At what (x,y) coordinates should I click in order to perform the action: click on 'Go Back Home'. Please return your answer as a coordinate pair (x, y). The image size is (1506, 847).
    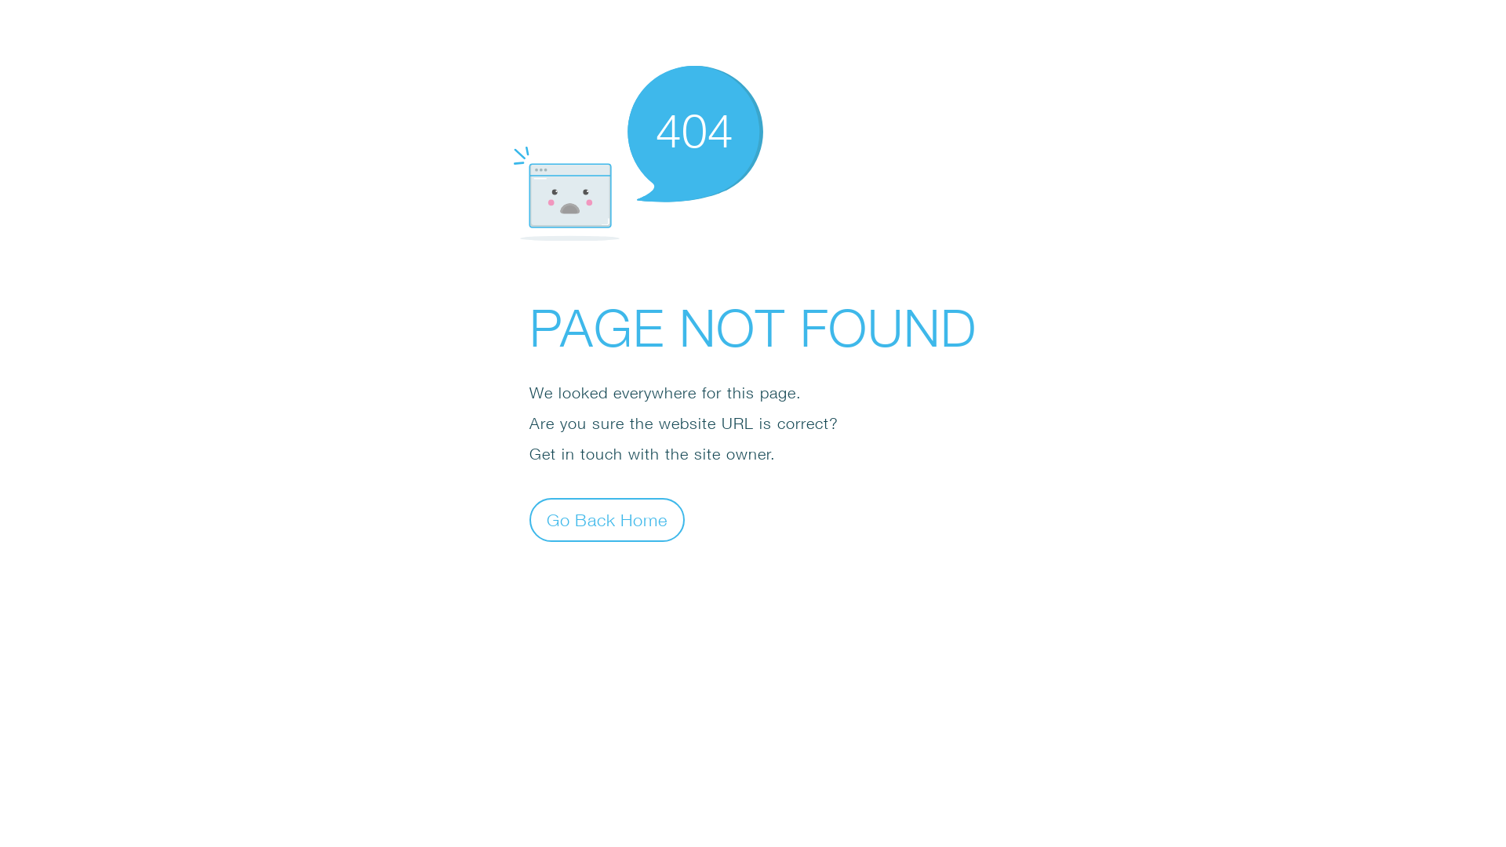
    Looking at the image, I should click on (606, 520).